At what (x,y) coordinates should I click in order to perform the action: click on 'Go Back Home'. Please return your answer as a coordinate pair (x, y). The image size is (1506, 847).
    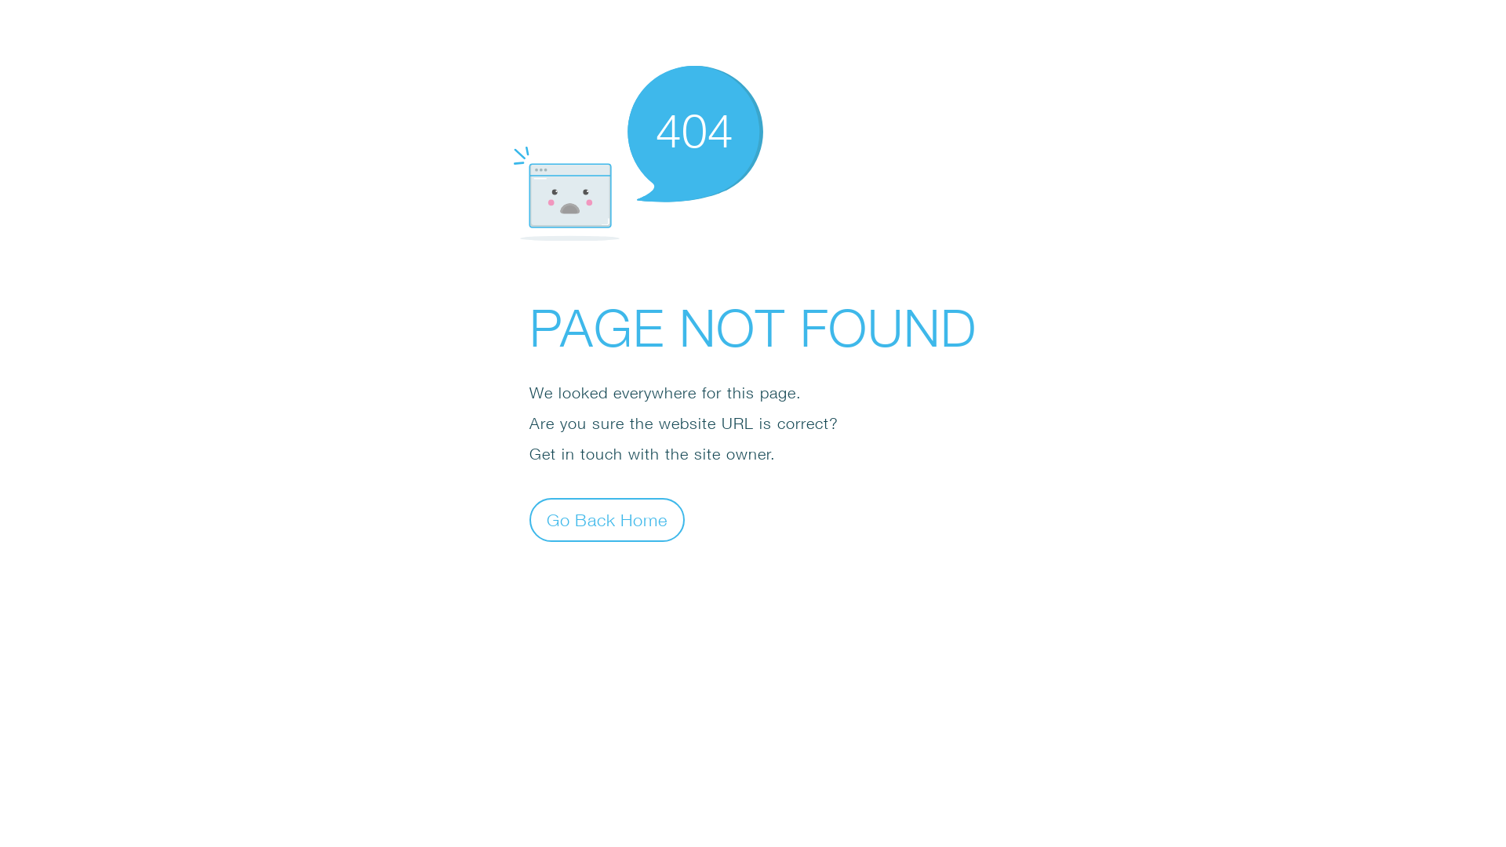
    Looking at the image, I should click on (606, 520).